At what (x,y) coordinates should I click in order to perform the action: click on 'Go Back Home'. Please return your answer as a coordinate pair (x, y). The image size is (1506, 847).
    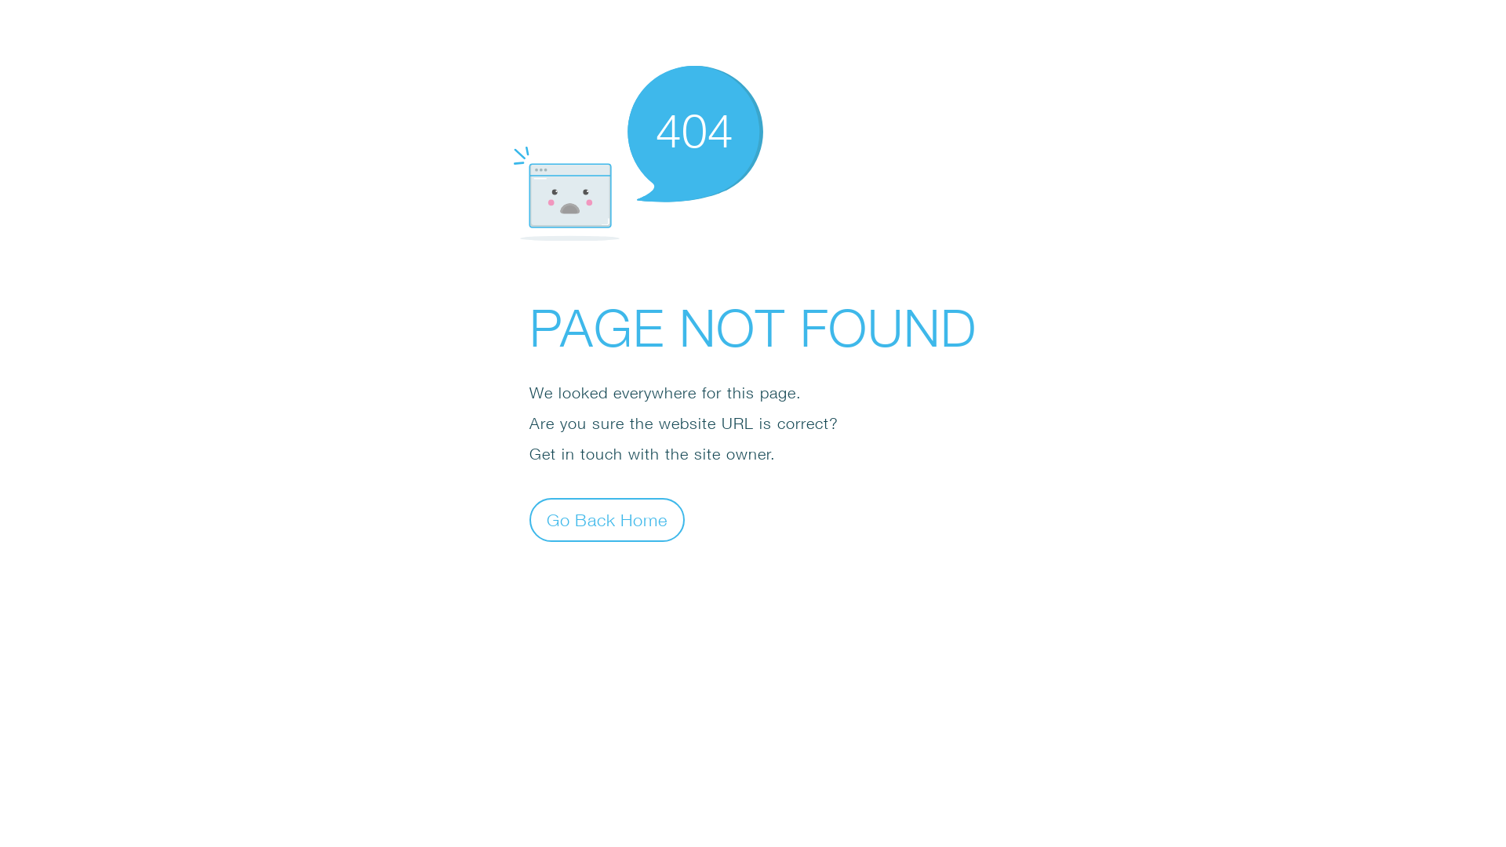
    Looking at the image, I should click on (606, 520).